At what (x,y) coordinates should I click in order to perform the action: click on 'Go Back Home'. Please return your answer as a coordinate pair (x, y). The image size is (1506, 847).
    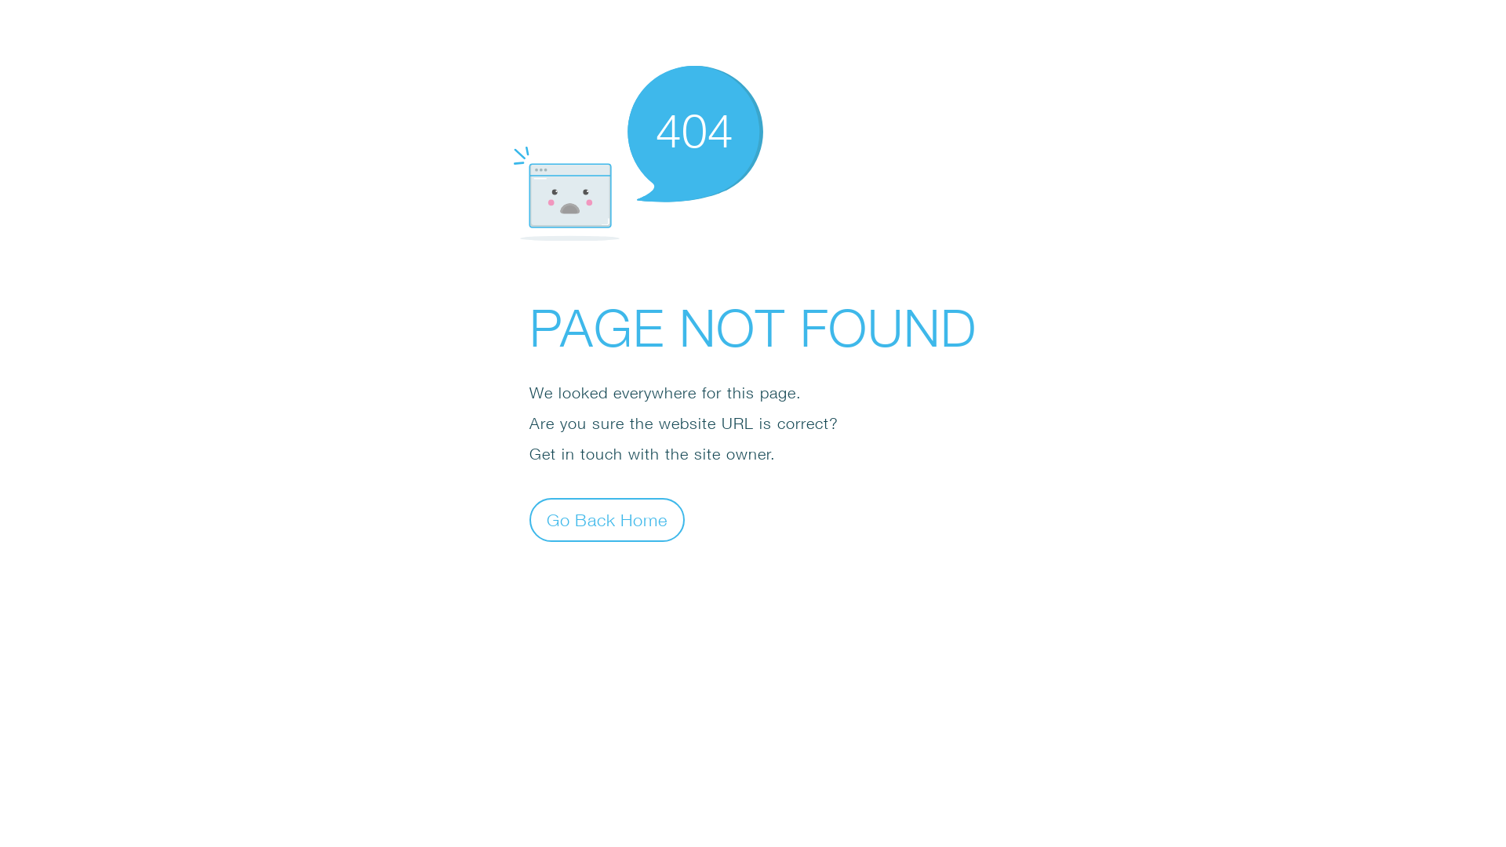
    Looking at the image, I should click on (606, 520).